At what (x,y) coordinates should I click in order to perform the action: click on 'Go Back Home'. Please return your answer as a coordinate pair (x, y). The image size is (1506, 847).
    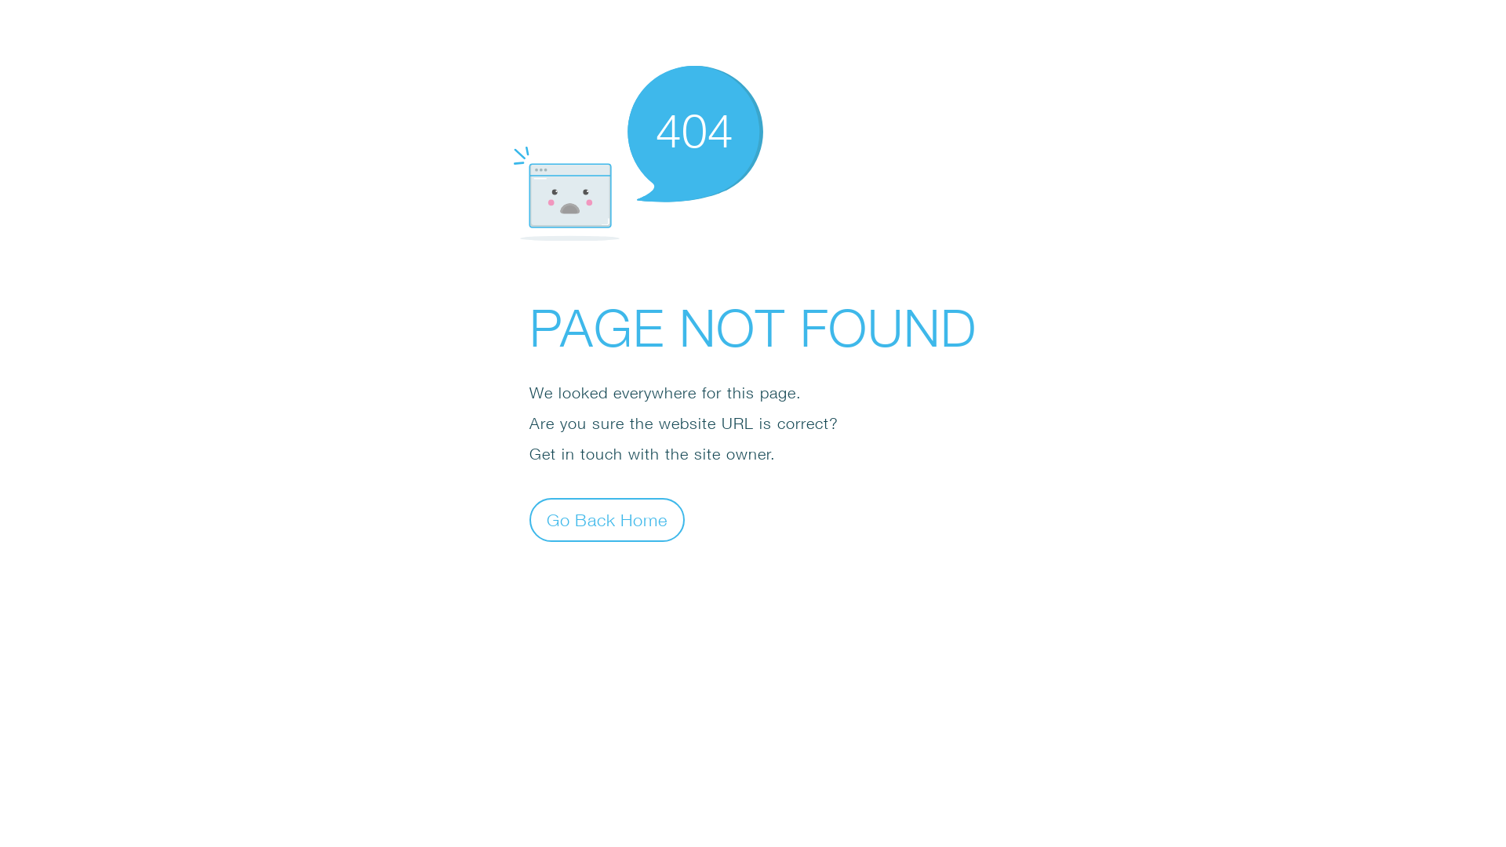
    Looking at the image, I should click on (606, 520).